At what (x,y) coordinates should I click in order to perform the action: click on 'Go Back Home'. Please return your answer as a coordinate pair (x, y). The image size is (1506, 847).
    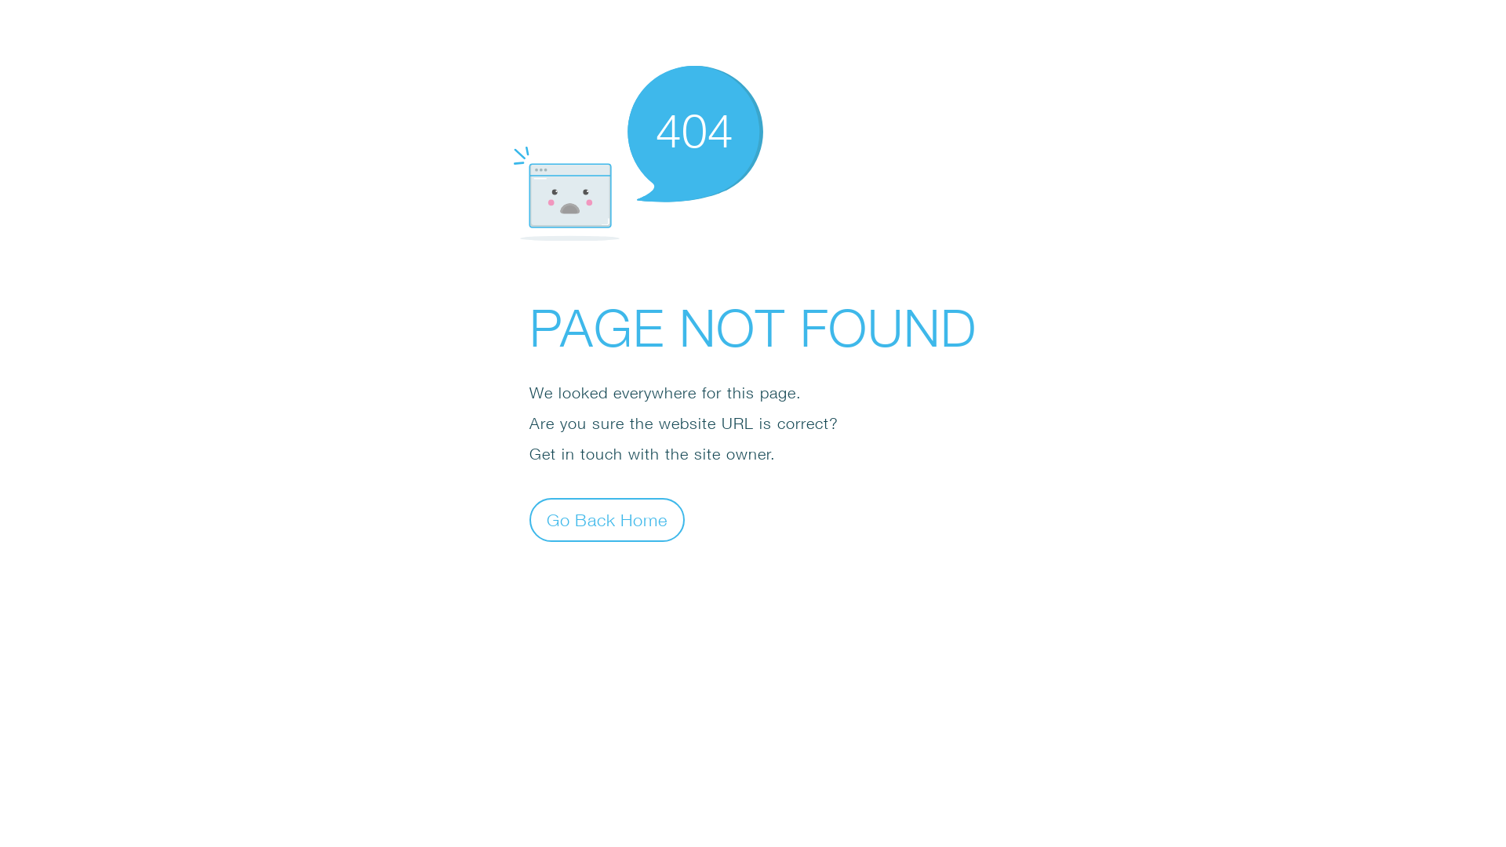
    Looking at the image, I should click on (606, 520).